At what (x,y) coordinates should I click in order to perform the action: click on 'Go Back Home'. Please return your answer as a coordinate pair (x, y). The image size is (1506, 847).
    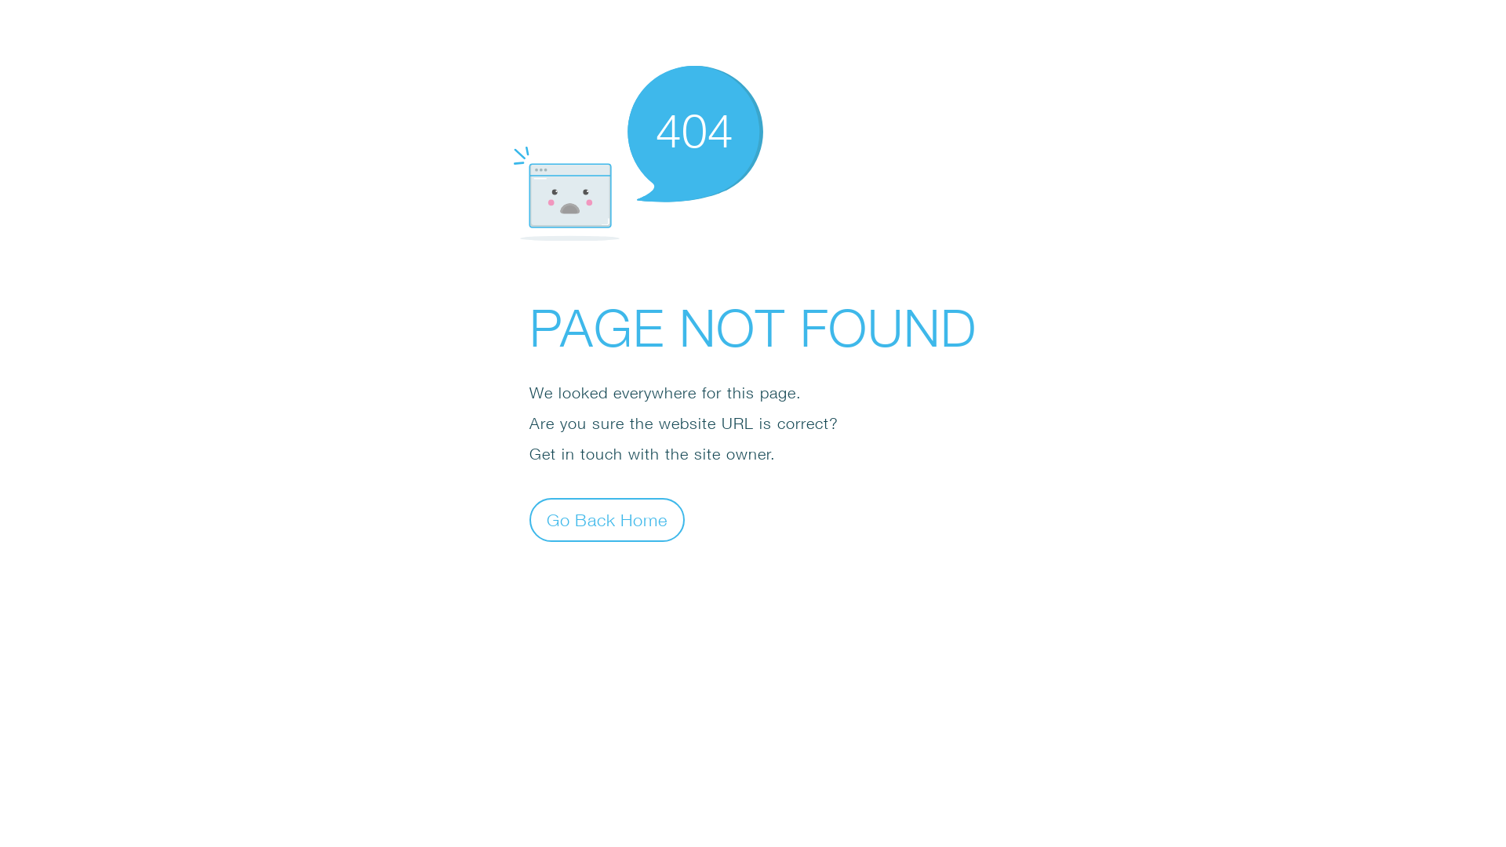
    Looking at the image, I should click on (606, 520).